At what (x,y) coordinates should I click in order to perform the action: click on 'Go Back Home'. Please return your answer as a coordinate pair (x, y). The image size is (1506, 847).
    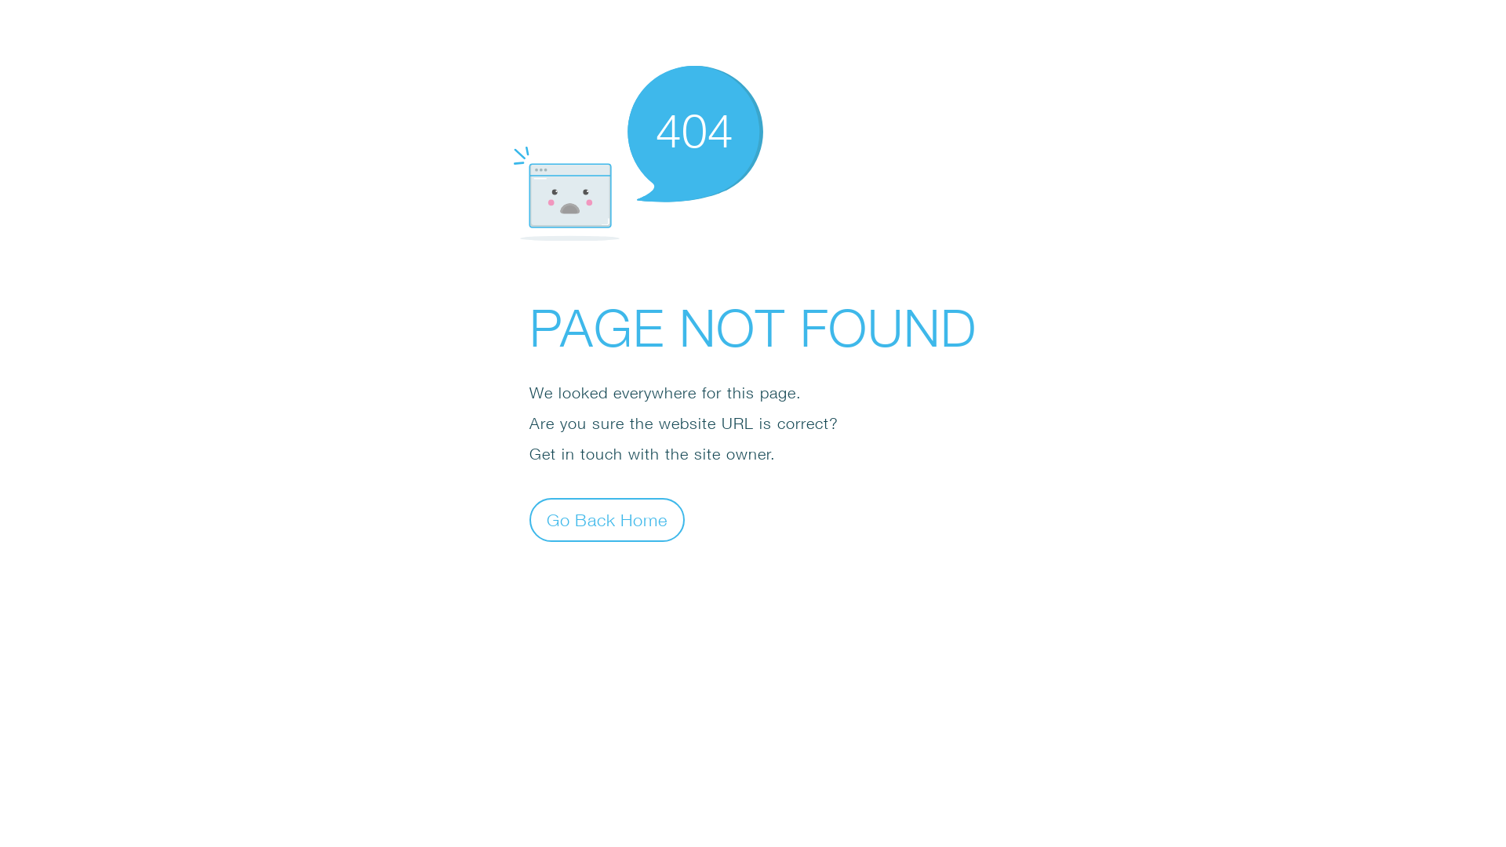
    Looking at the image, I should click on (606, 520).